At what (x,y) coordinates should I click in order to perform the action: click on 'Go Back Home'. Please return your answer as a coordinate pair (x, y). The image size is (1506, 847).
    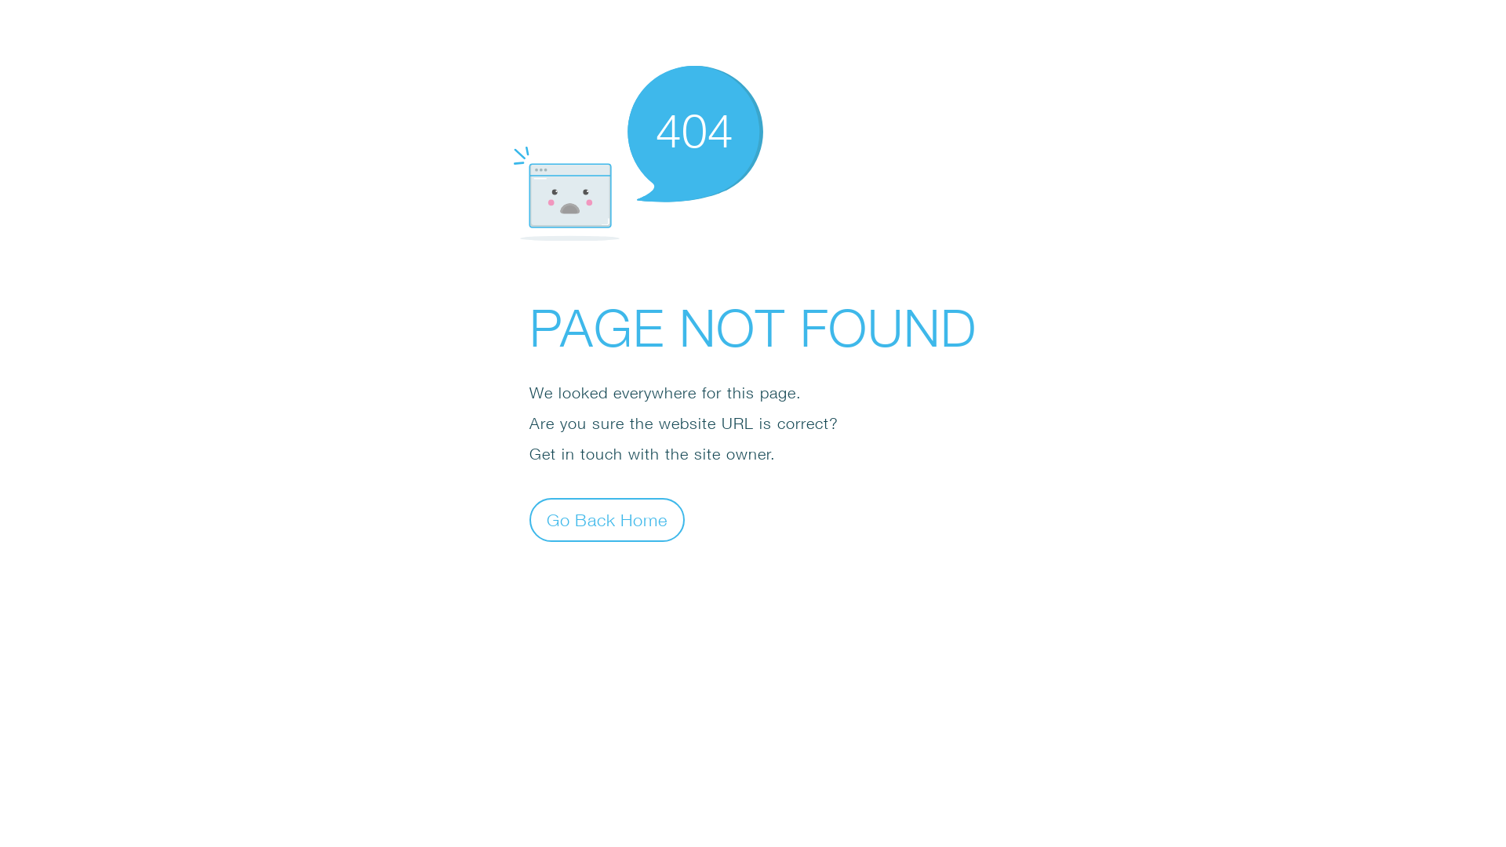
    Looking at the image, I should click on (606, 520).